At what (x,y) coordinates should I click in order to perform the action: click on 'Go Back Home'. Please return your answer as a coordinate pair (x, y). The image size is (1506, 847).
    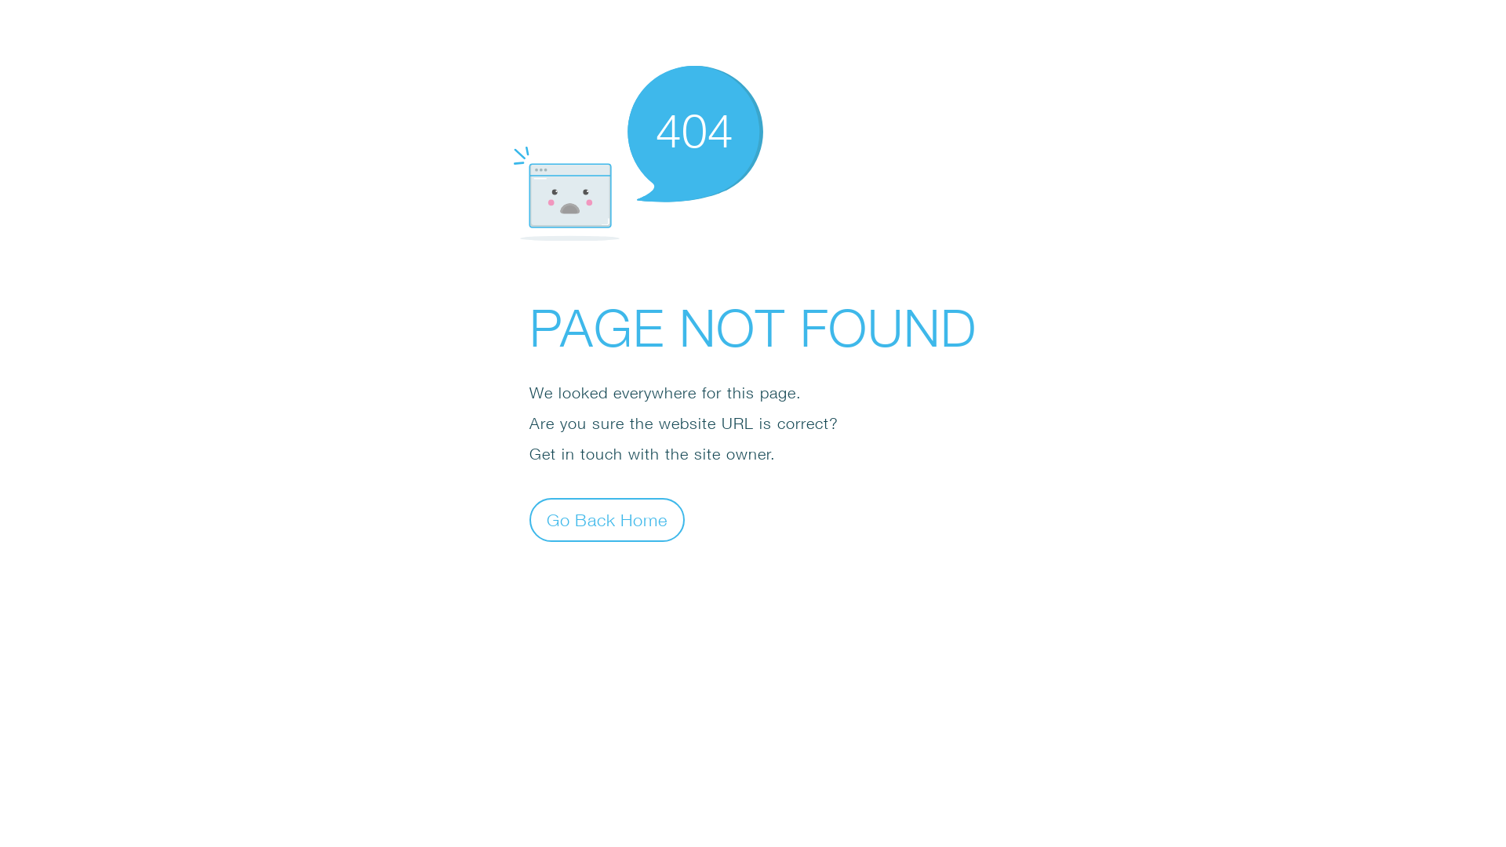
    Looking at the image, I should click on (606, 520).